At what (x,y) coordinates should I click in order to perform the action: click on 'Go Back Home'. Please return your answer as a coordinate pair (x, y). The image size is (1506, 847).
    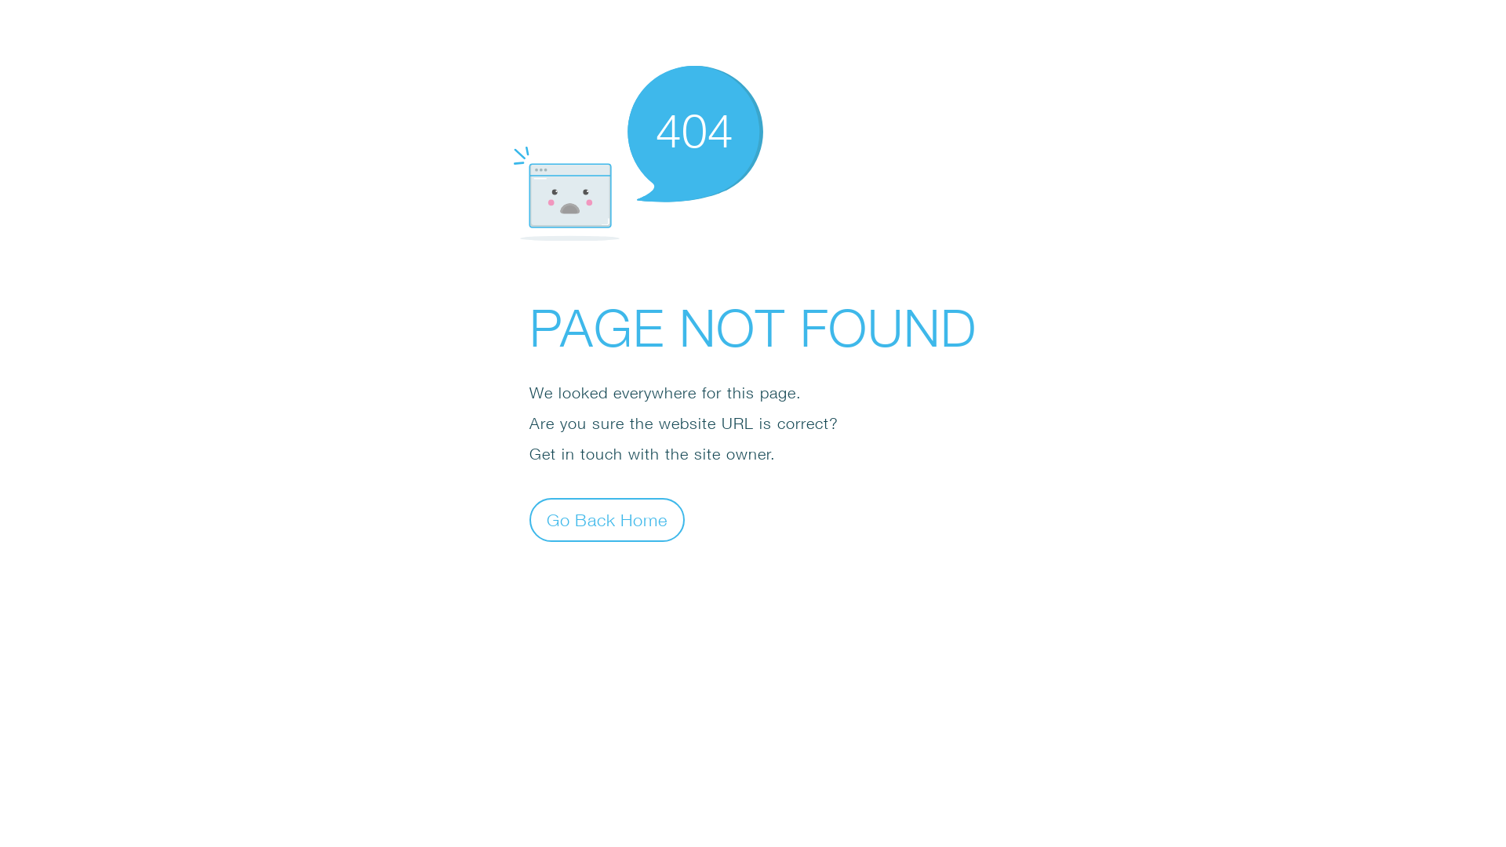
    Looking at the image, I should click on (606, 520).